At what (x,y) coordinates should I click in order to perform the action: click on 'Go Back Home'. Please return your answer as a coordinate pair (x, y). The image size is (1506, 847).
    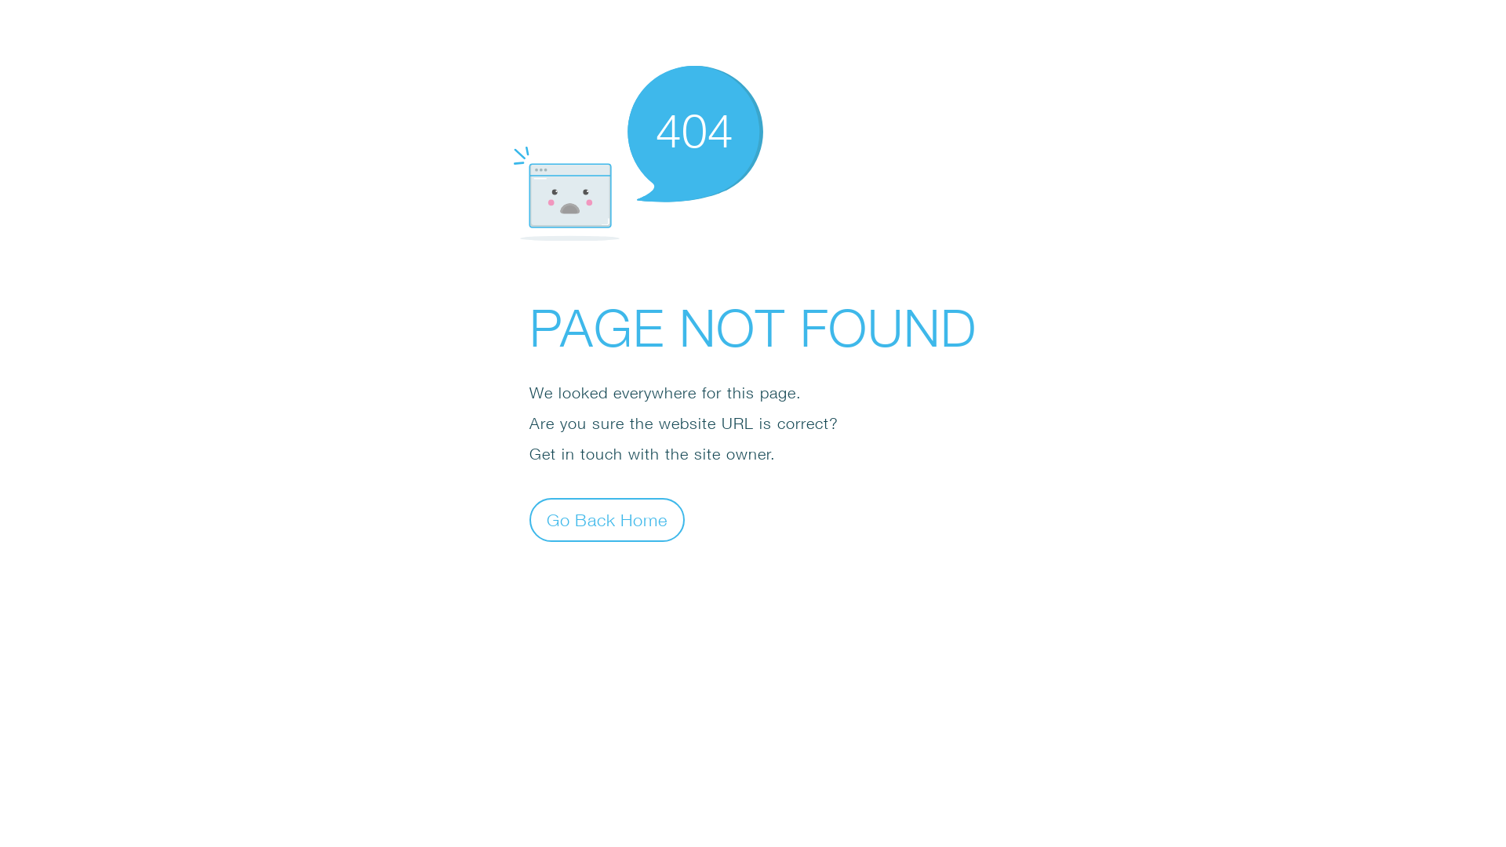
    Looking at the image, I should click on (606, 520).